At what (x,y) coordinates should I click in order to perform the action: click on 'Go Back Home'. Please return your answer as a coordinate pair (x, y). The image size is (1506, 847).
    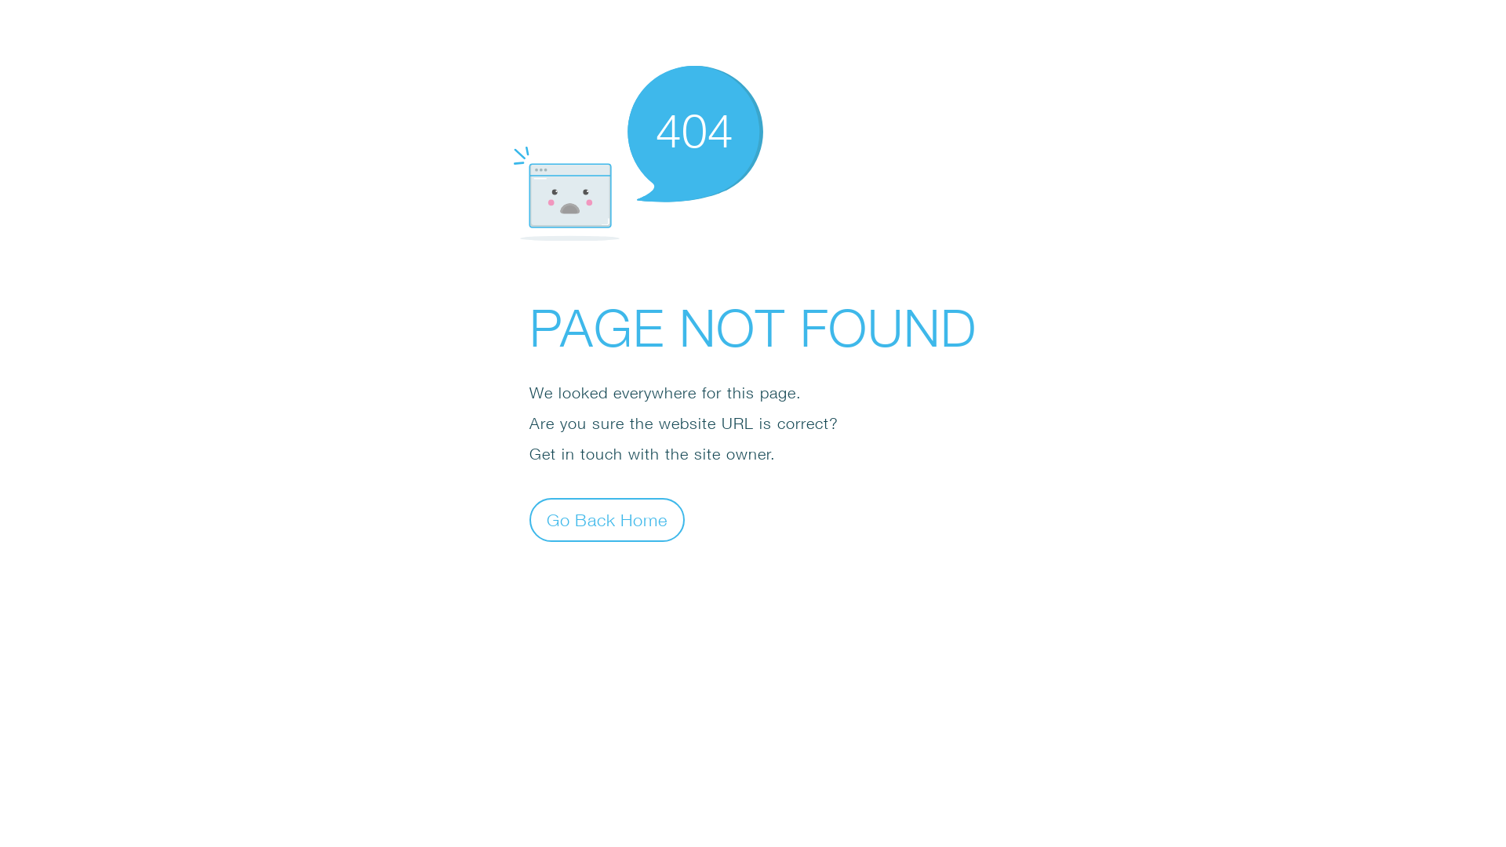
    Looking at the image, I should click on (606, 520).